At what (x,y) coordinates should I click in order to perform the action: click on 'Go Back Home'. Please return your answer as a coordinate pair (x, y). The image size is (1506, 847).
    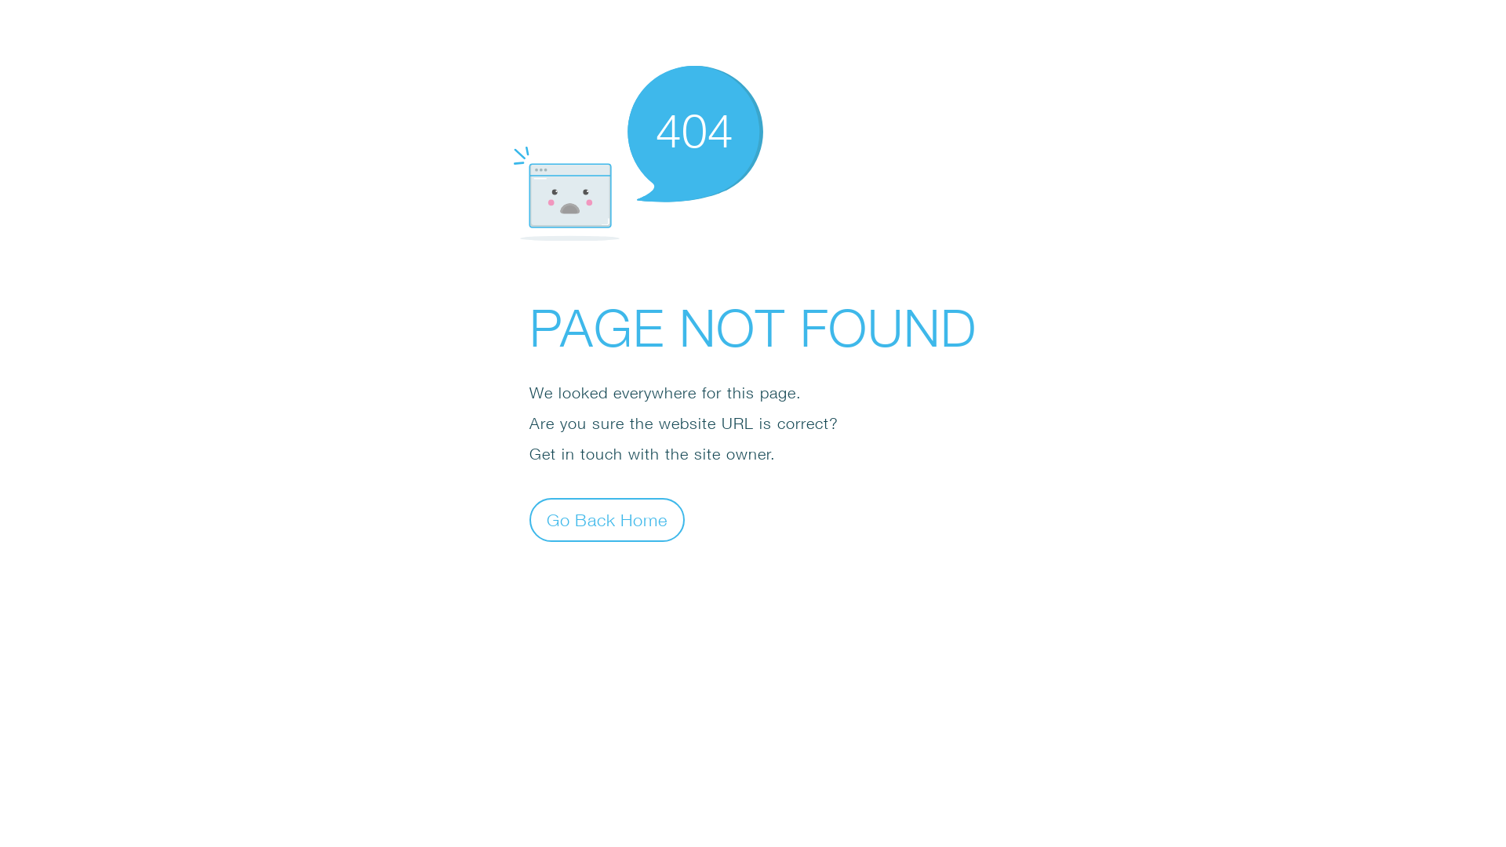
    Looking at the image, I should click on (606, 520).